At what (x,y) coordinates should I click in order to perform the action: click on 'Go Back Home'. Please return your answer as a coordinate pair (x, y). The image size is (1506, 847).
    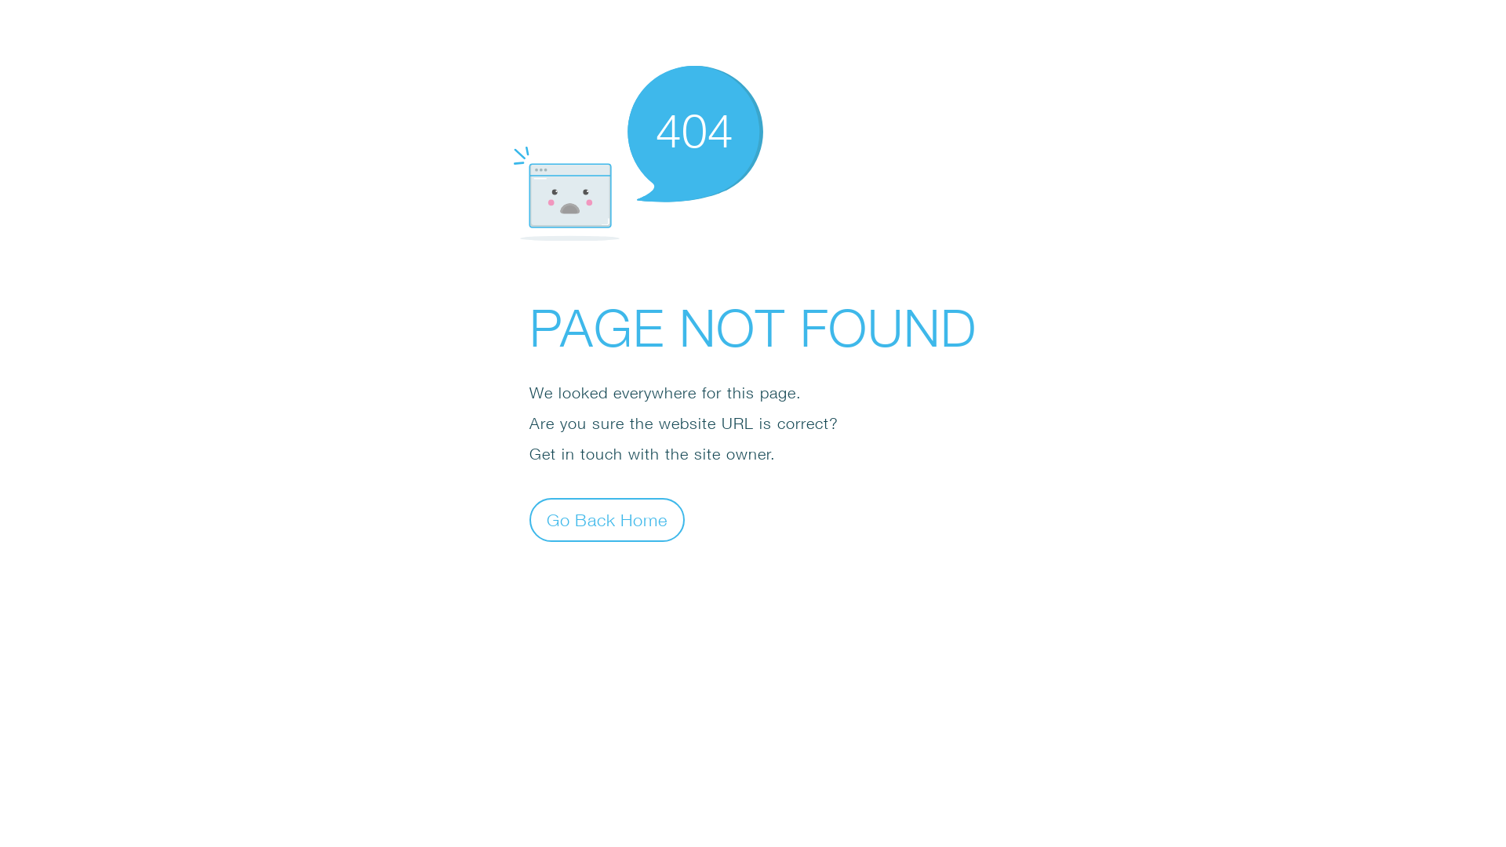
    Looking at the image, I should click on (606, 520).